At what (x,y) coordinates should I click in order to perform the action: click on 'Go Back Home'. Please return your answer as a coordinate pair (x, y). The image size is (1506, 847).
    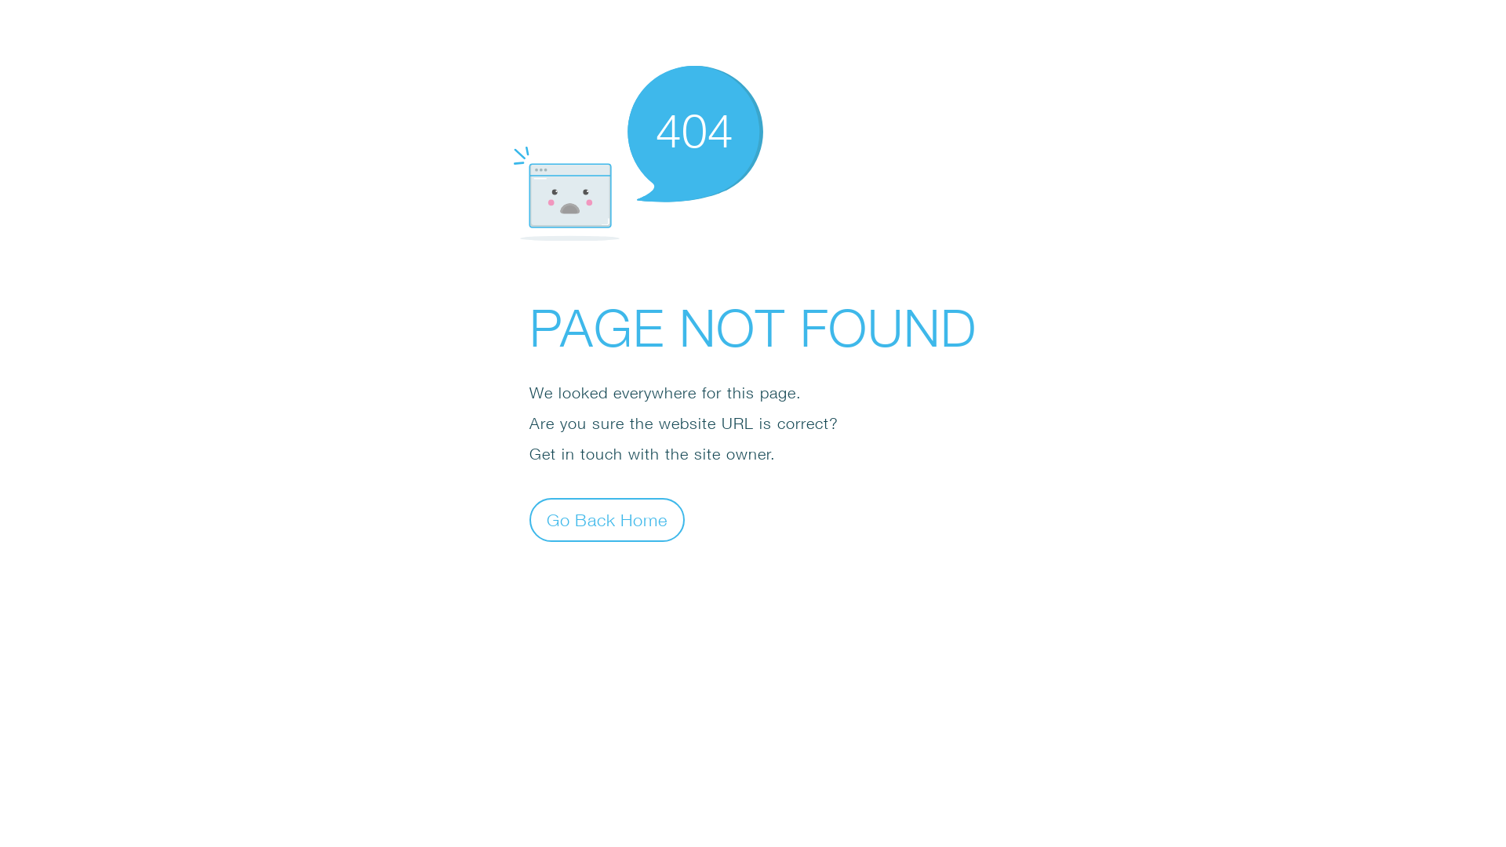
    Looking at the image, I should click on (606, 520).